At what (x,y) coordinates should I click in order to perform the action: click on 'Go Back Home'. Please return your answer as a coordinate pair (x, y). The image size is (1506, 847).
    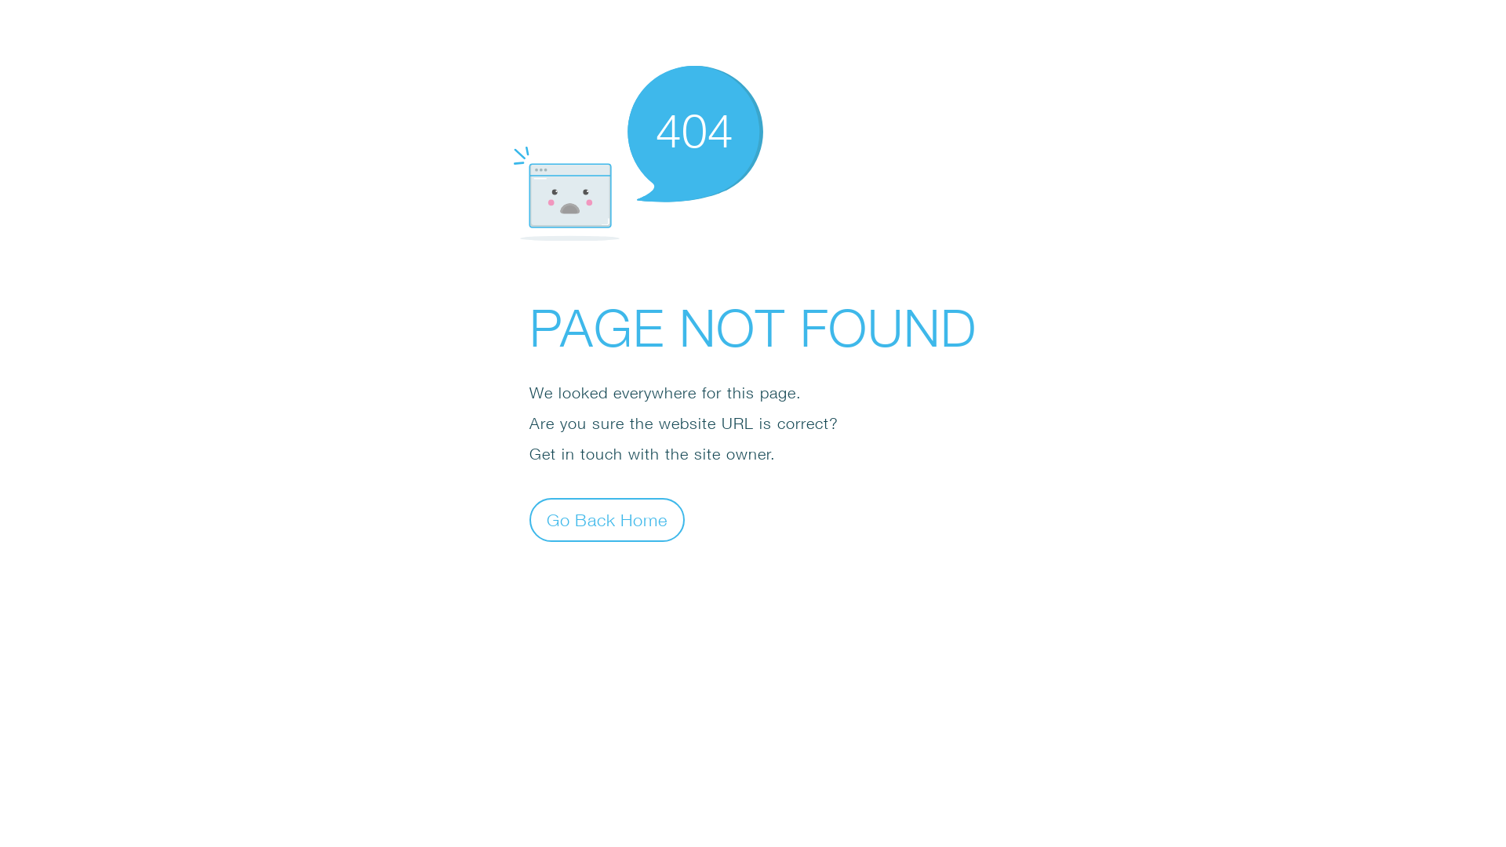
    Looking at the image, I should click on (606, 520).